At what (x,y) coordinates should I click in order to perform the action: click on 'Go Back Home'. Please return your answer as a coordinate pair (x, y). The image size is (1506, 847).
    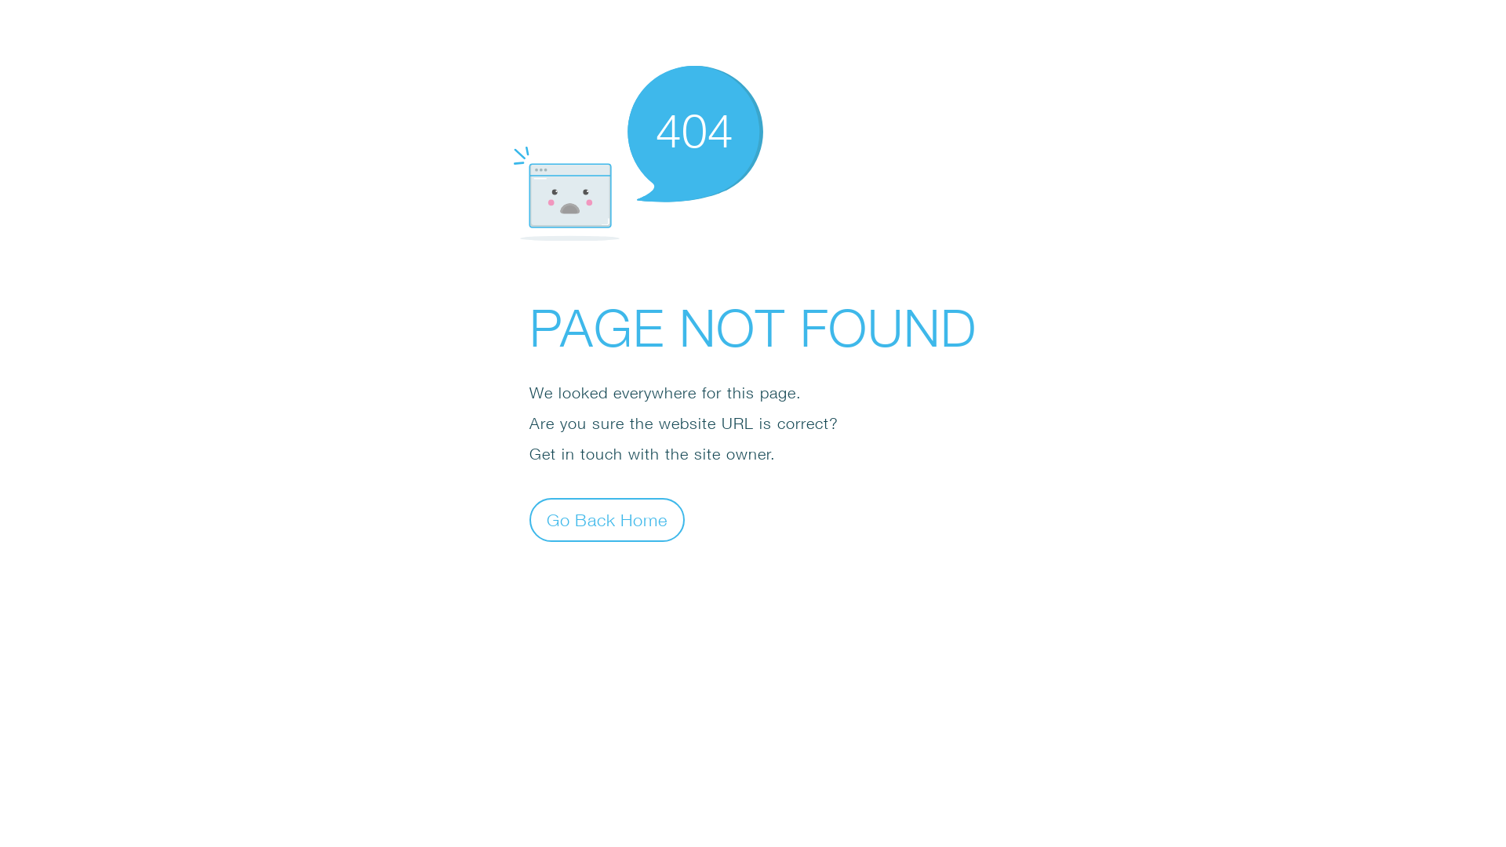
    Looking at the image, I should click on (606, 520).